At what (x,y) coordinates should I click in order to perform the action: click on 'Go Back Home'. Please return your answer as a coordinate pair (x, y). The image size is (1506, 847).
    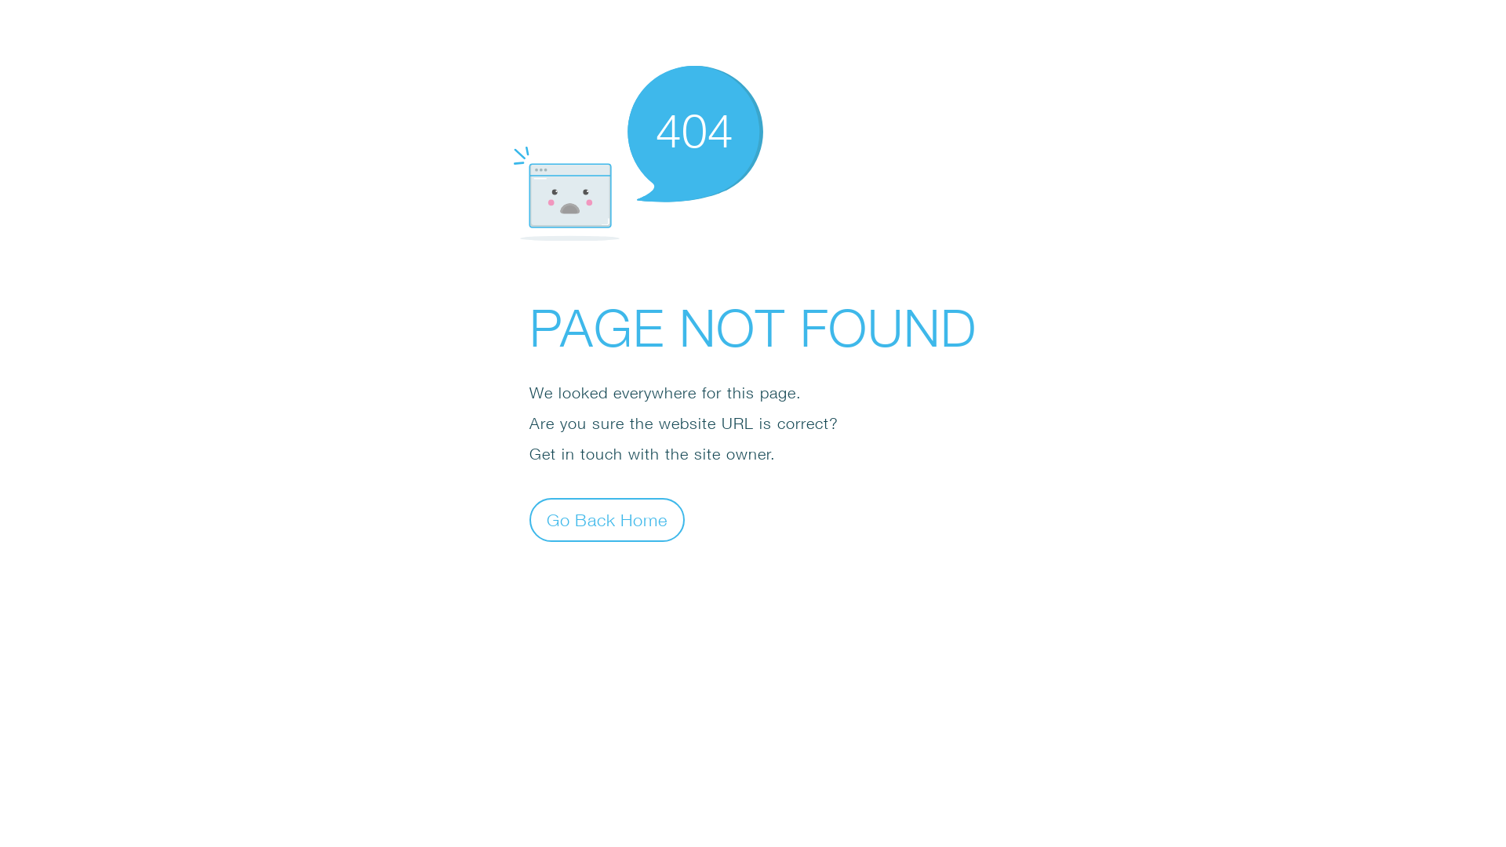
    Looking at the image, I should click on (606, 520).